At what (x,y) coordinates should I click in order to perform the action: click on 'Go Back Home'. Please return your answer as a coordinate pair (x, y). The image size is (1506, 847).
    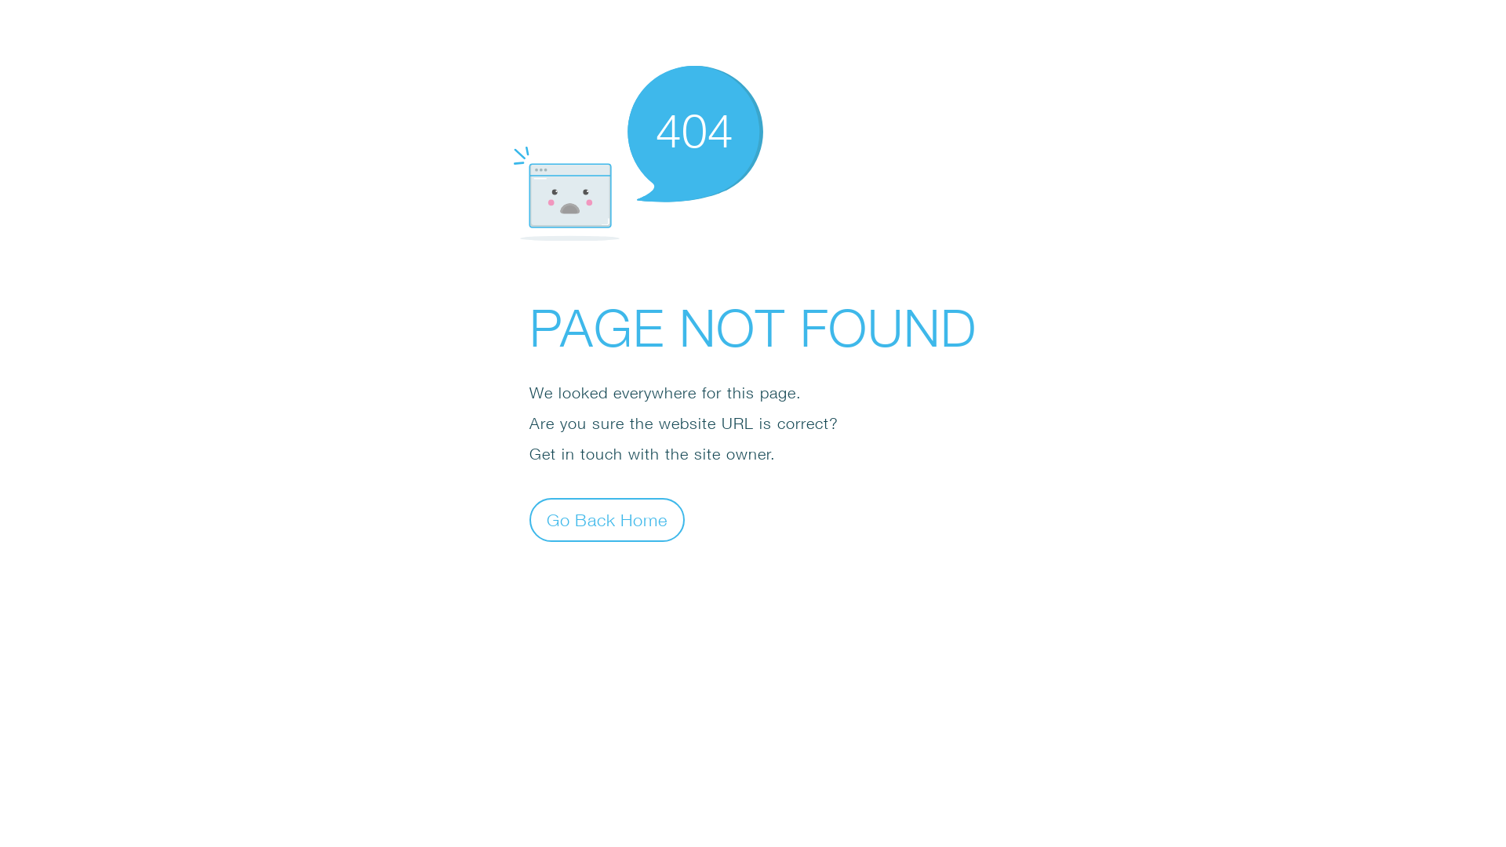
    Looking at the image, I should click on (606, 520).